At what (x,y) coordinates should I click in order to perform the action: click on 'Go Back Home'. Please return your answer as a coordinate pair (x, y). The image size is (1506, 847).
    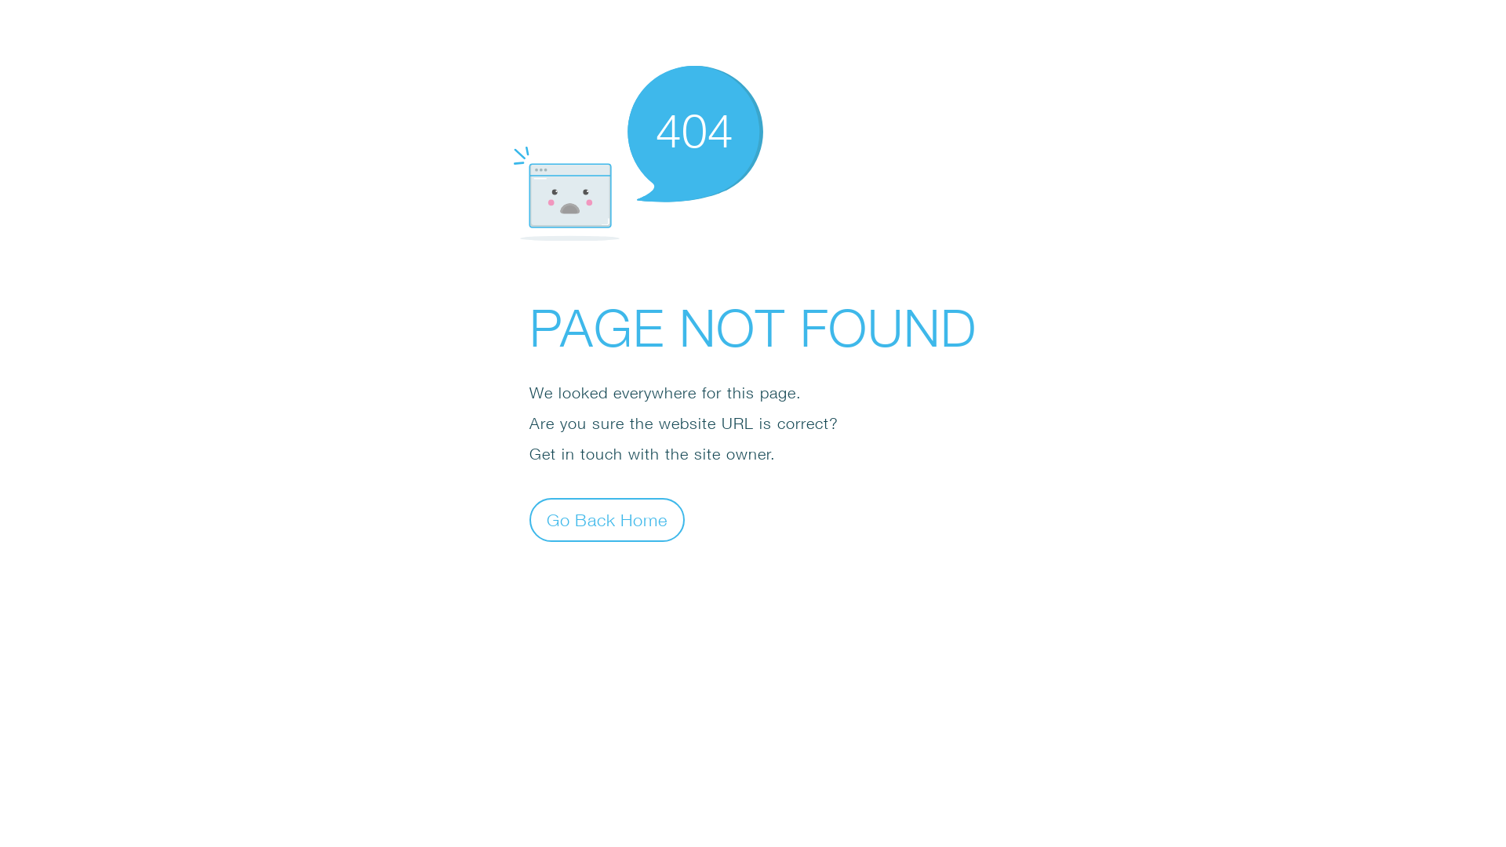
    Looking at the image, I should click on (606, 520).